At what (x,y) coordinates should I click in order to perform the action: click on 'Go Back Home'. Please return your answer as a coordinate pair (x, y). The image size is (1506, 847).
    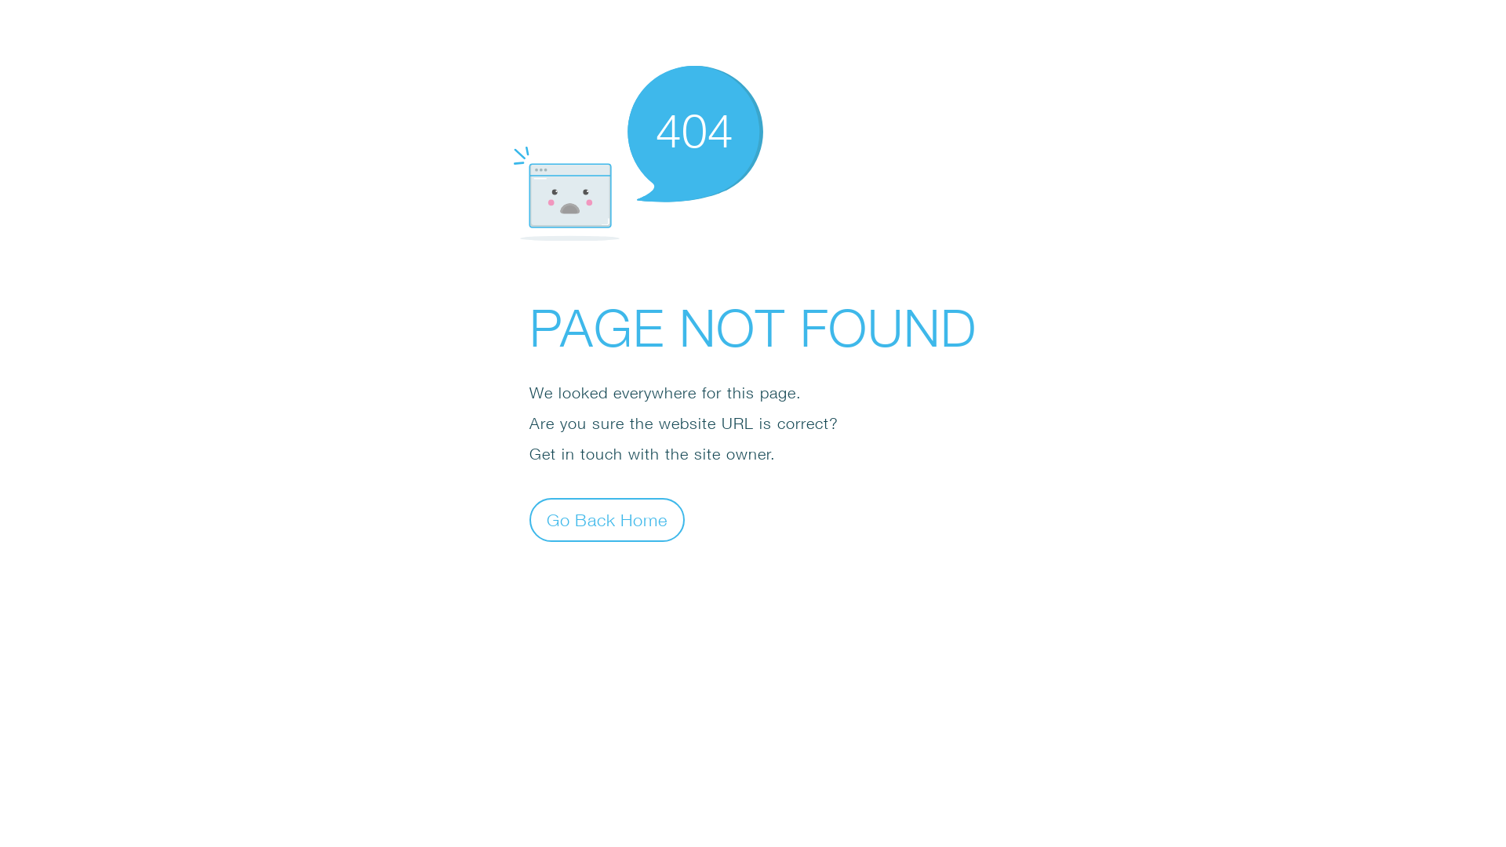
    Looking at the image, I should click on (606, 520).